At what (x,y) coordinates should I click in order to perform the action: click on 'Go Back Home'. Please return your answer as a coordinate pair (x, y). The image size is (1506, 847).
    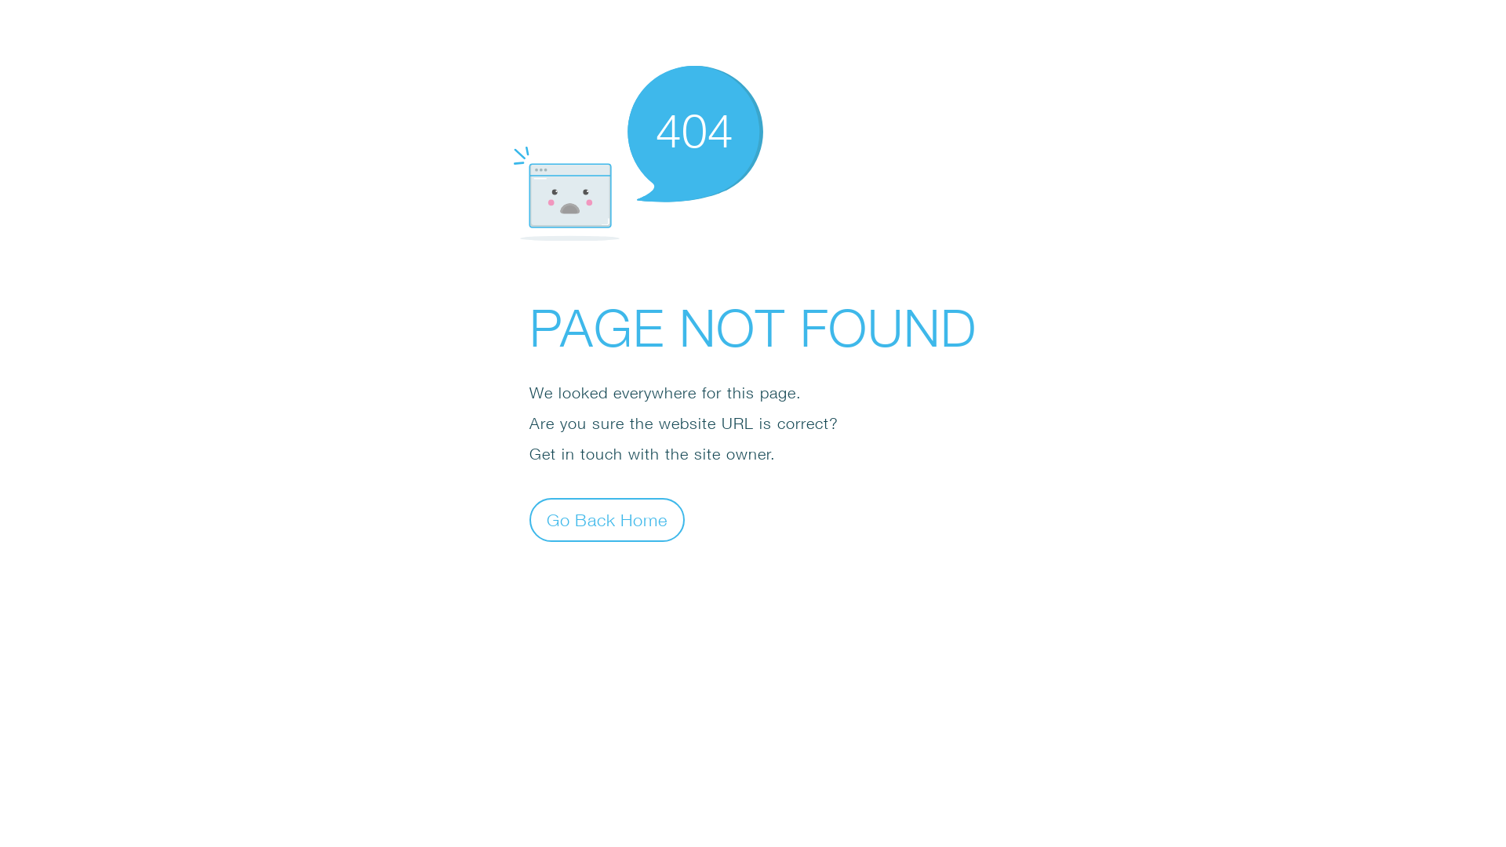
    Looking at the image, I should click on (606, 520).